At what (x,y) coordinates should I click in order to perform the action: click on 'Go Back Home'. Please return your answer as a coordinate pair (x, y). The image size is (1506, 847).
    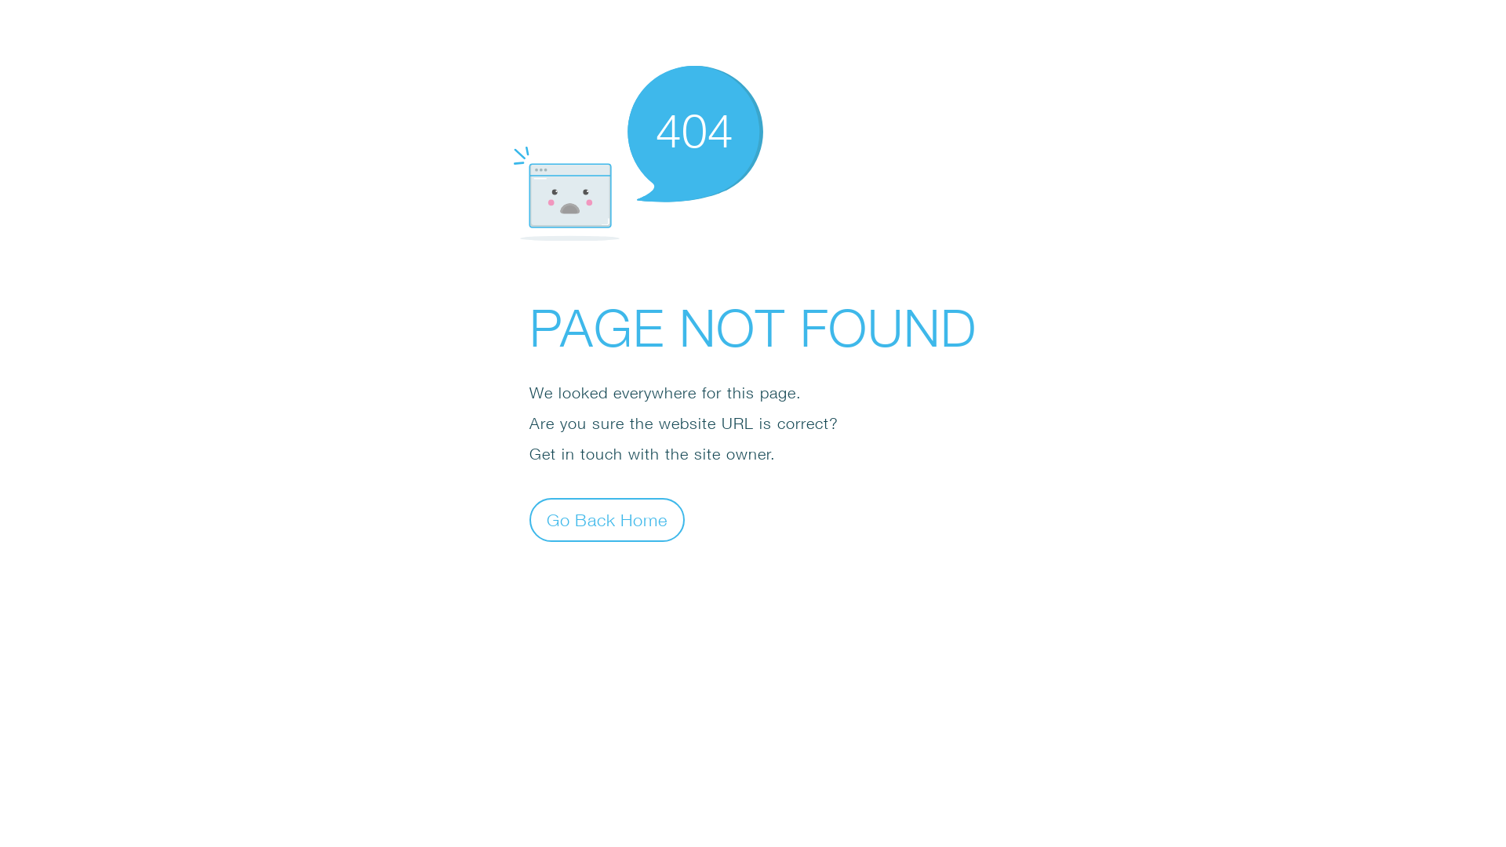
    Looking at the image, I should click on (606, 520).